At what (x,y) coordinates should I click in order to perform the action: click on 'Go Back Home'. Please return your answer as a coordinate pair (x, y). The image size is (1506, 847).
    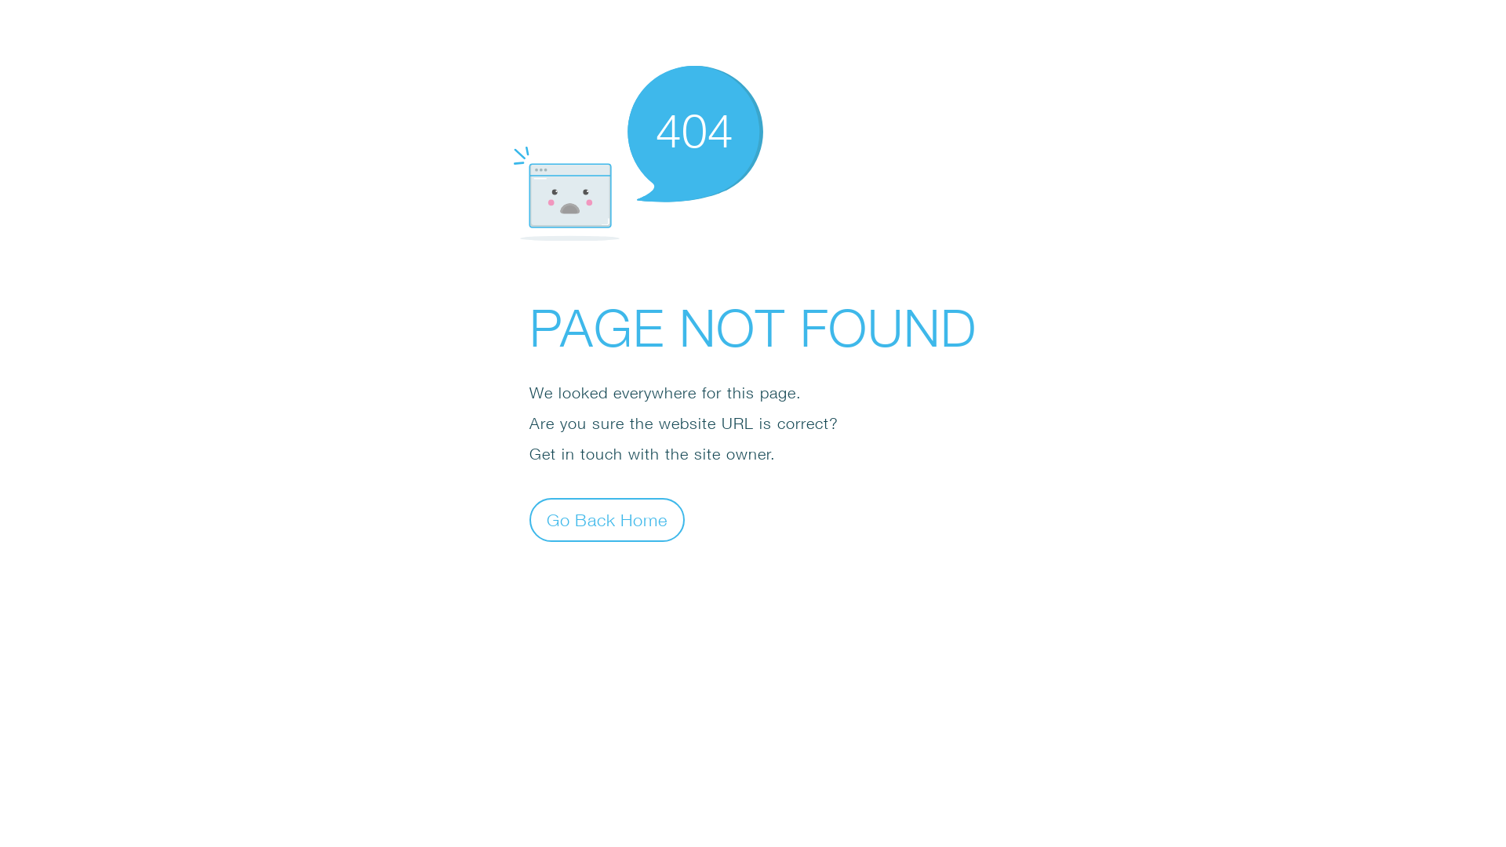
    Looking at the image, I should click on (606, 520).